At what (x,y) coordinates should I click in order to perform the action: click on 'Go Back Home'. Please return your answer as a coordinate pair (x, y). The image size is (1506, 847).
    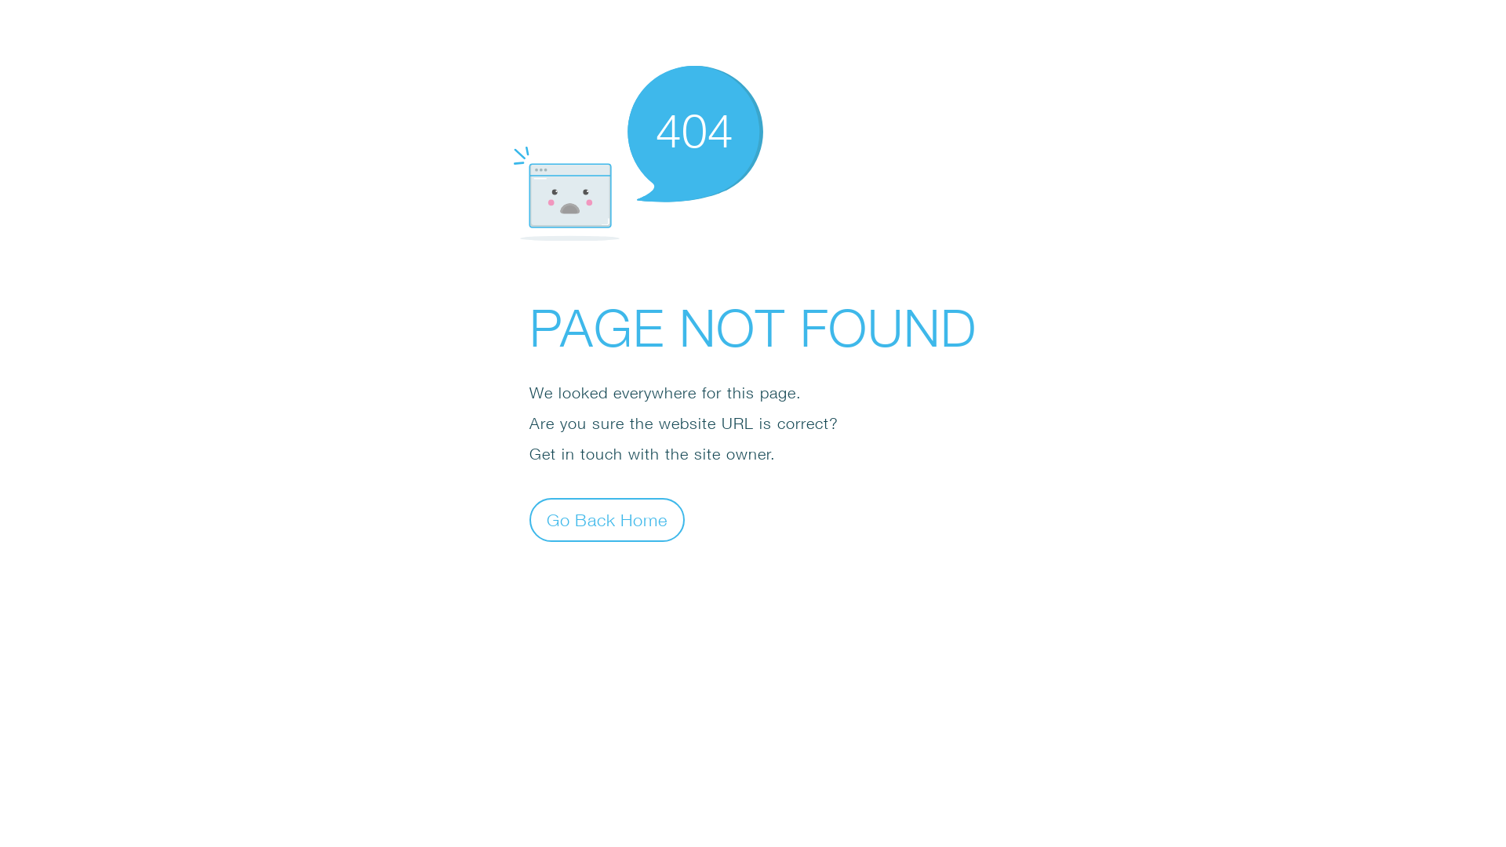
    Looking at the image, I should click on (606, 520).